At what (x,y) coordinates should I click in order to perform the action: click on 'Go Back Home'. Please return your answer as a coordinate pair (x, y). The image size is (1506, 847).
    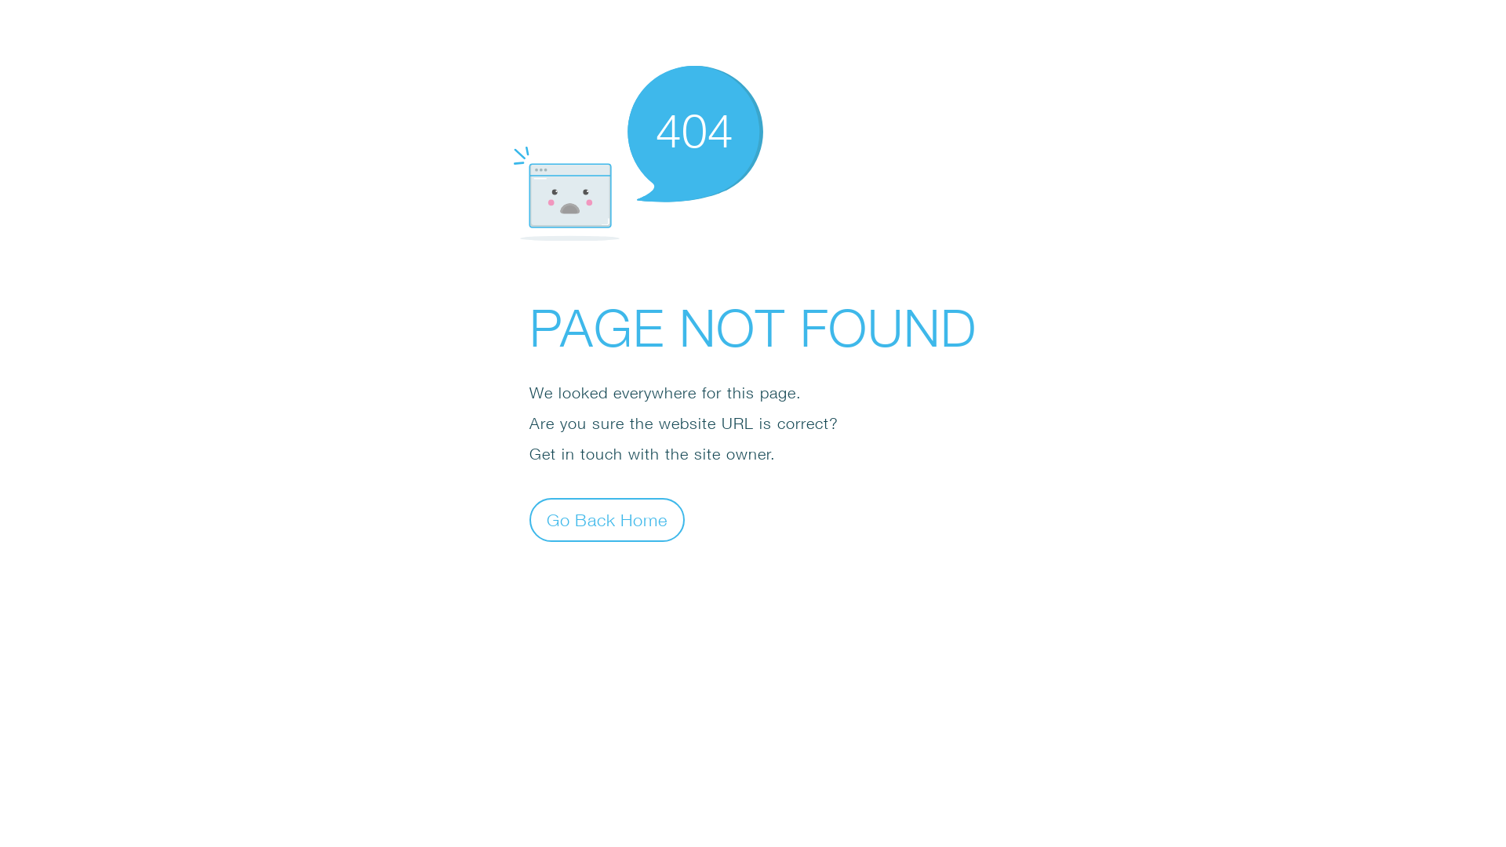
    Looking at the image, I should click on (606, 520).